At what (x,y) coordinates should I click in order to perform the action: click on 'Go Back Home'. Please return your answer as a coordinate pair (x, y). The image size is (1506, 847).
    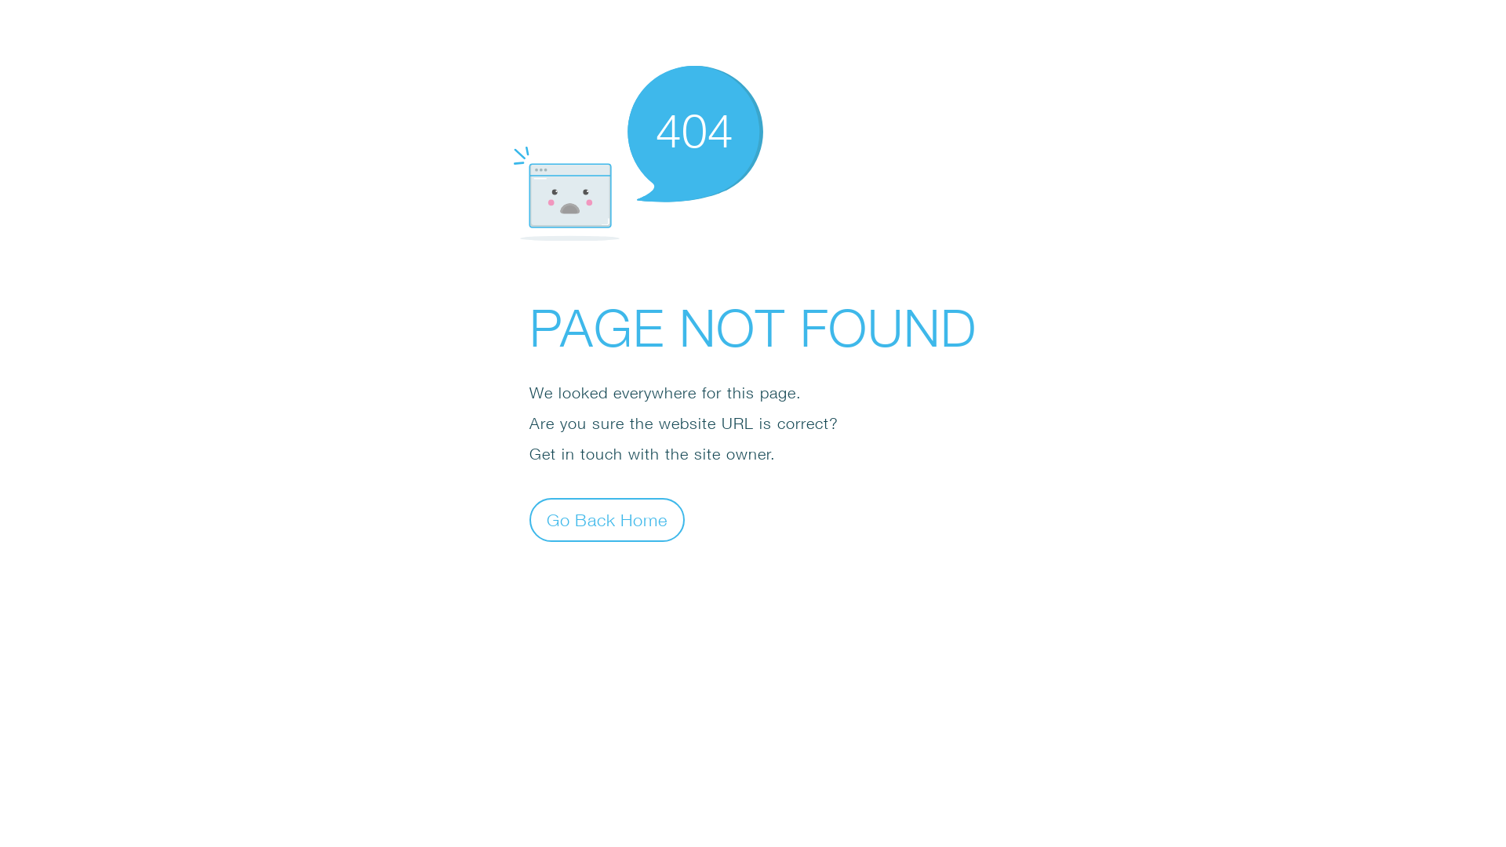
    Looking at the image, I should click on (606, 520).